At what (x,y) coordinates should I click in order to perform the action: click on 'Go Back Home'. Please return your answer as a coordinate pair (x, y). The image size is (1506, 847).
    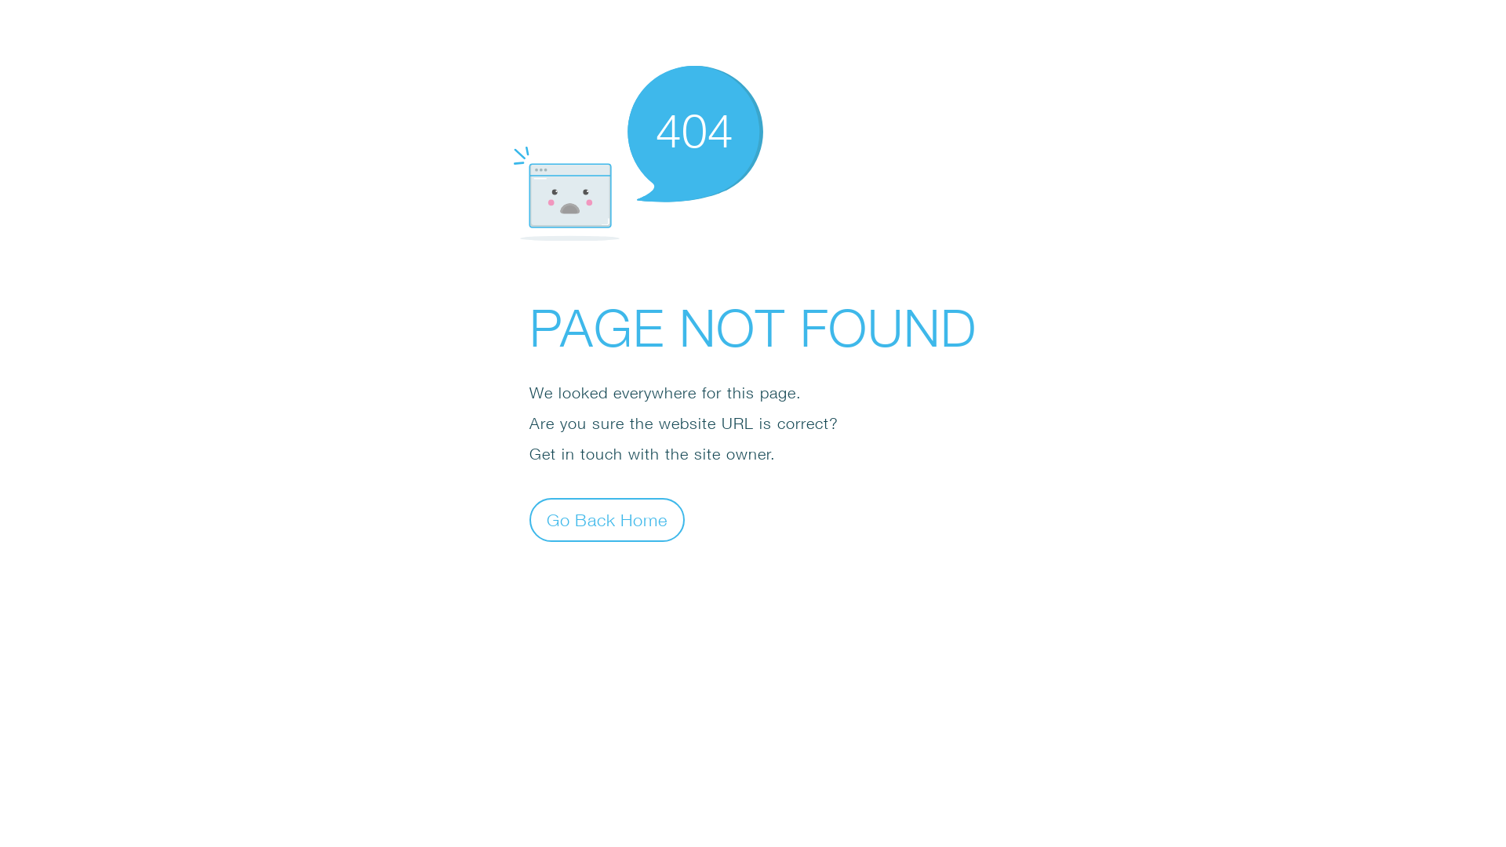
    Looking at the image, I should click on (606, 520).